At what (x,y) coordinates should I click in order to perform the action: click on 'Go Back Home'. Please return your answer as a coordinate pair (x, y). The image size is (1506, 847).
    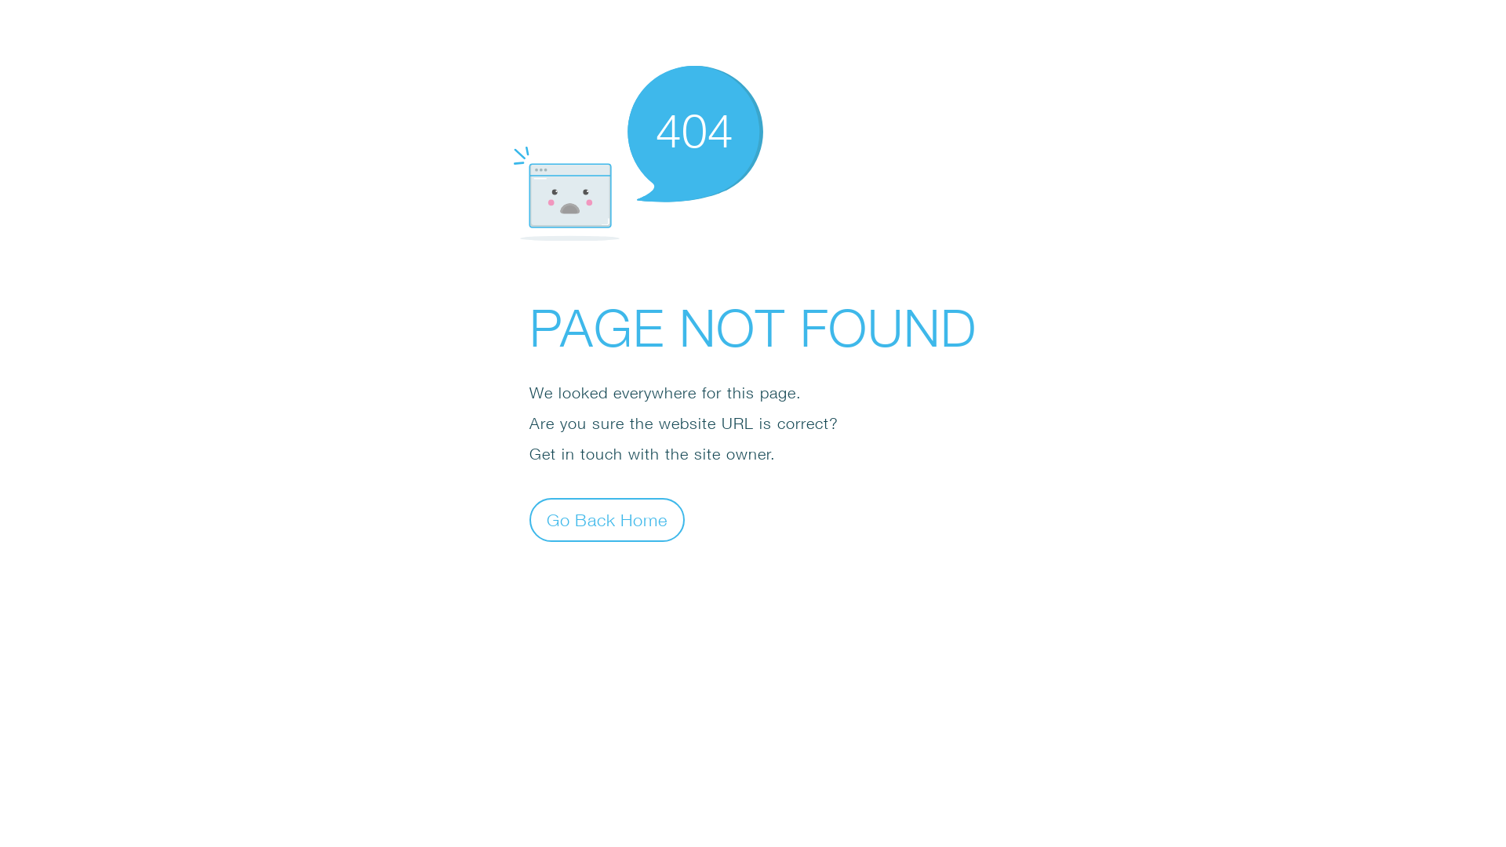
    Looking at the image, I should click on (606, 520).